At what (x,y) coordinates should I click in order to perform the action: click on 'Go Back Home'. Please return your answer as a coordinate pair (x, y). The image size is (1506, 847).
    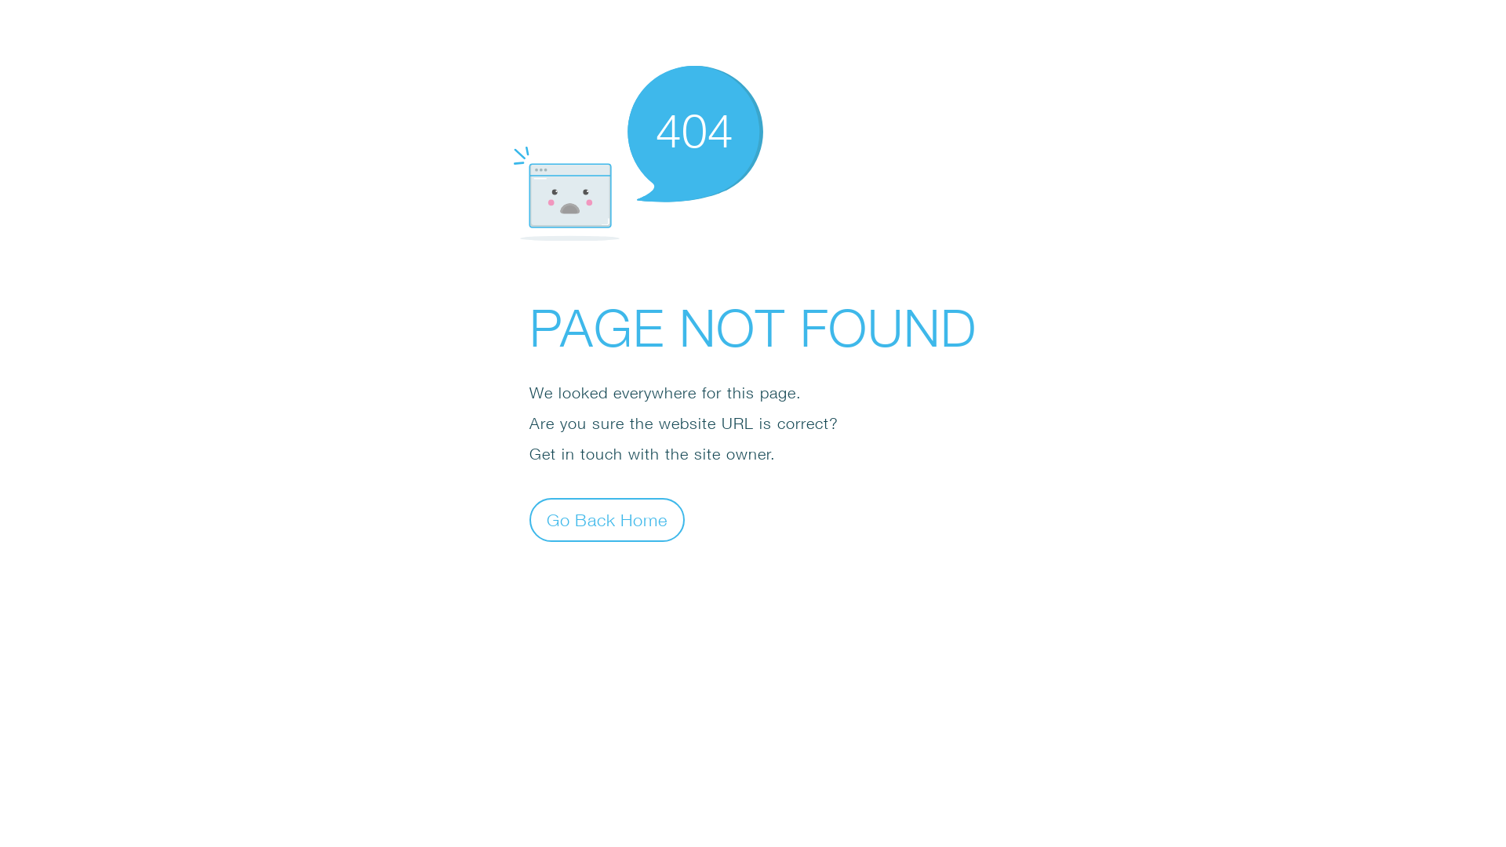
    Looking at the image, I should click on (606, 520).